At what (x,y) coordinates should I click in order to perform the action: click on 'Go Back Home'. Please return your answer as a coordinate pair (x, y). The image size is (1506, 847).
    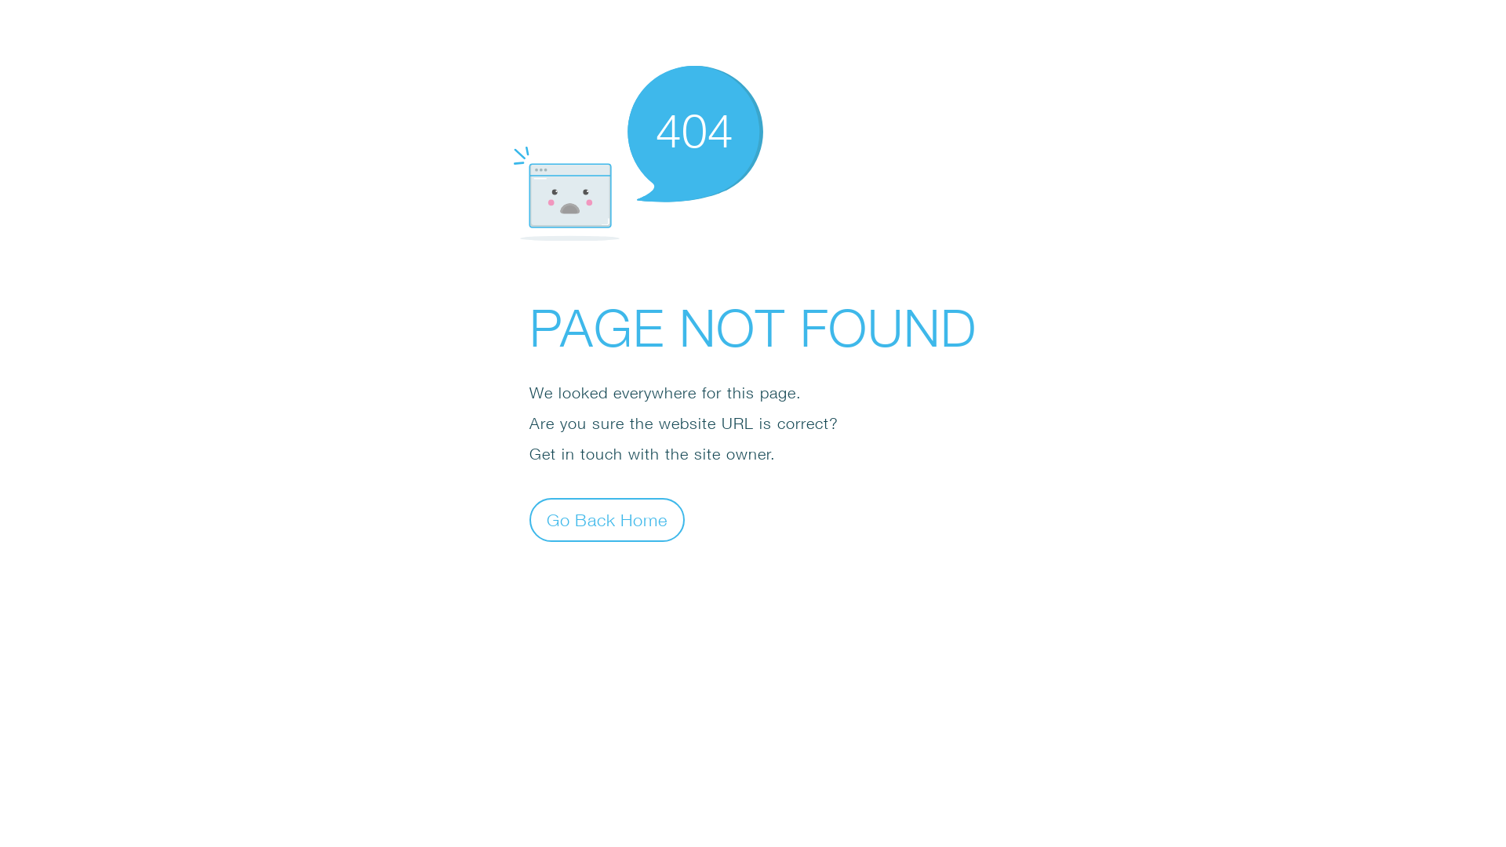
    Looking at the image, I should click on (606, 520).